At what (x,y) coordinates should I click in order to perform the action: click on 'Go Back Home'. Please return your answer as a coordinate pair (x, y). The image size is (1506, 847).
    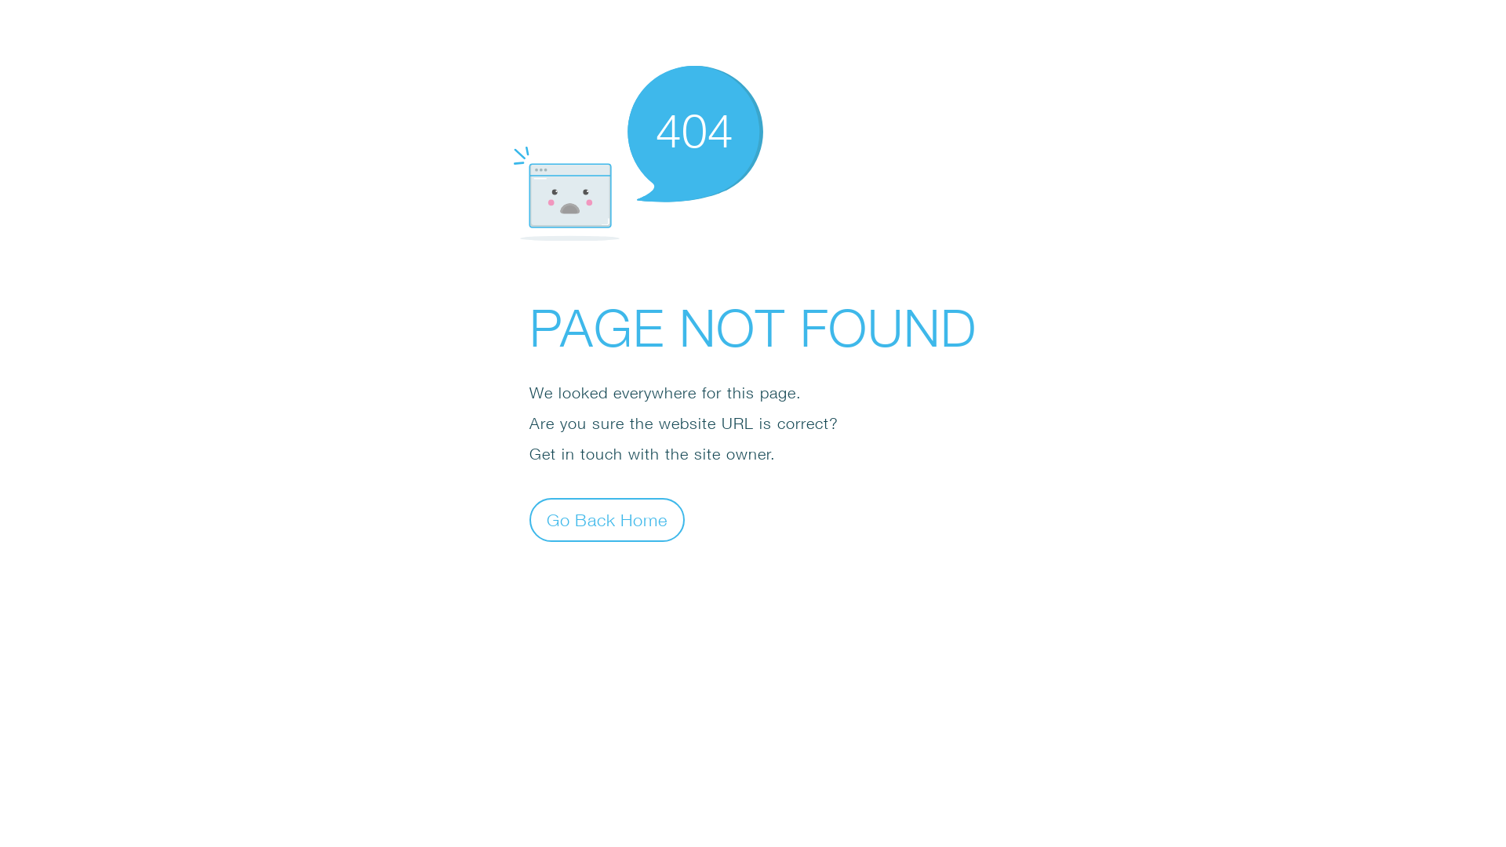
    Looking at the image, I should click on (606, 520).